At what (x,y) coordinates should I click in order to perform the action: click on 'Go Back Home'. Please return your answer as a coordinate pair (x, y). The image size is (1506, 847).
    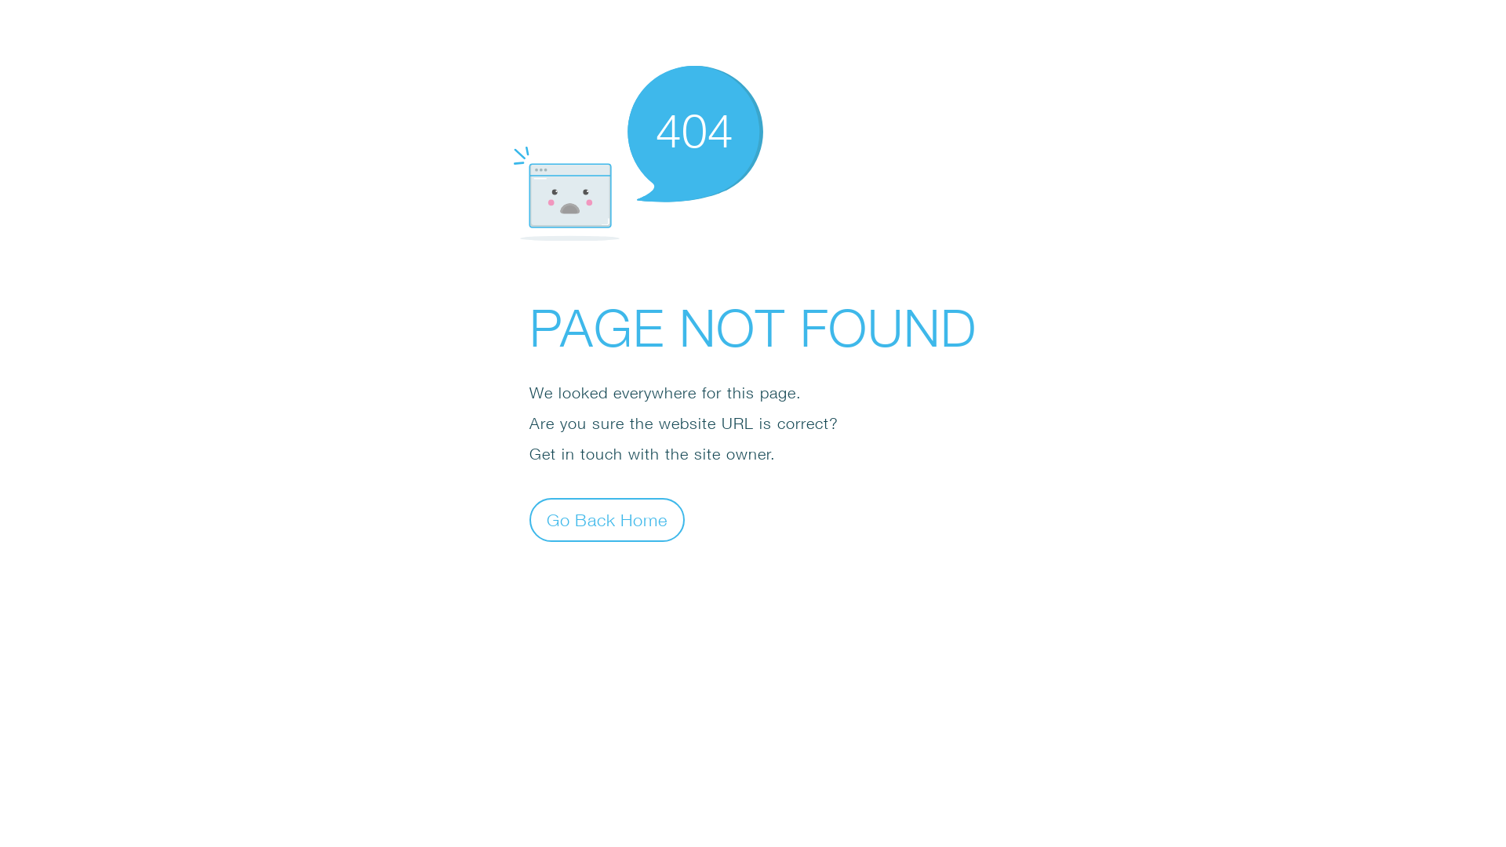
    Looking at the image, I should click on (606, 520).